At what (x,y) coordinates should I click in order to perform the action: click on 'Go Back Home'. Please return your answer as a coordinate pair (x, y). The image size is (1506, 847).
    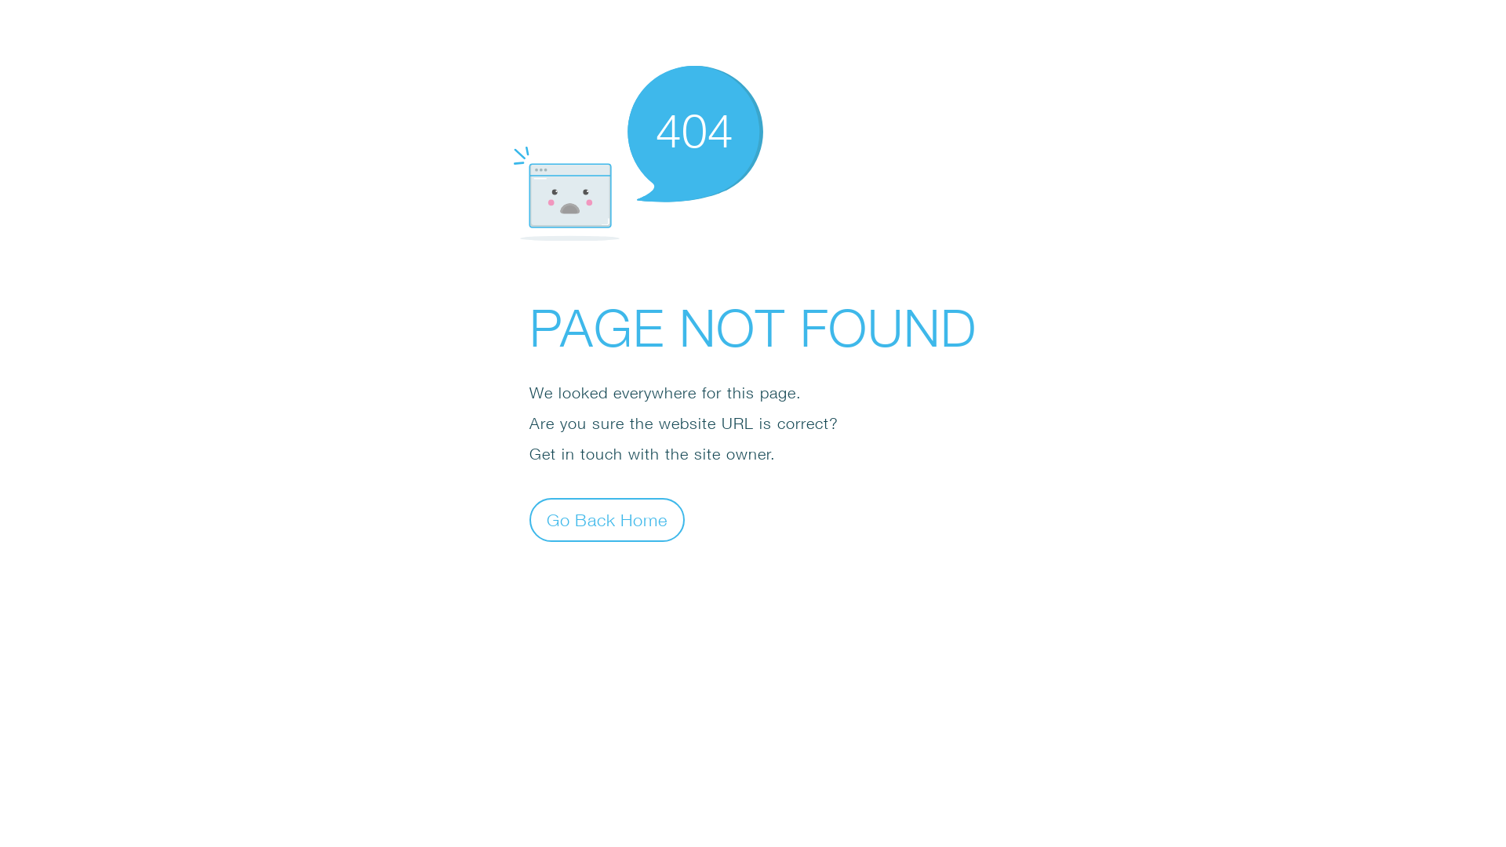
    Looking at the image, I should click on (606, 520).